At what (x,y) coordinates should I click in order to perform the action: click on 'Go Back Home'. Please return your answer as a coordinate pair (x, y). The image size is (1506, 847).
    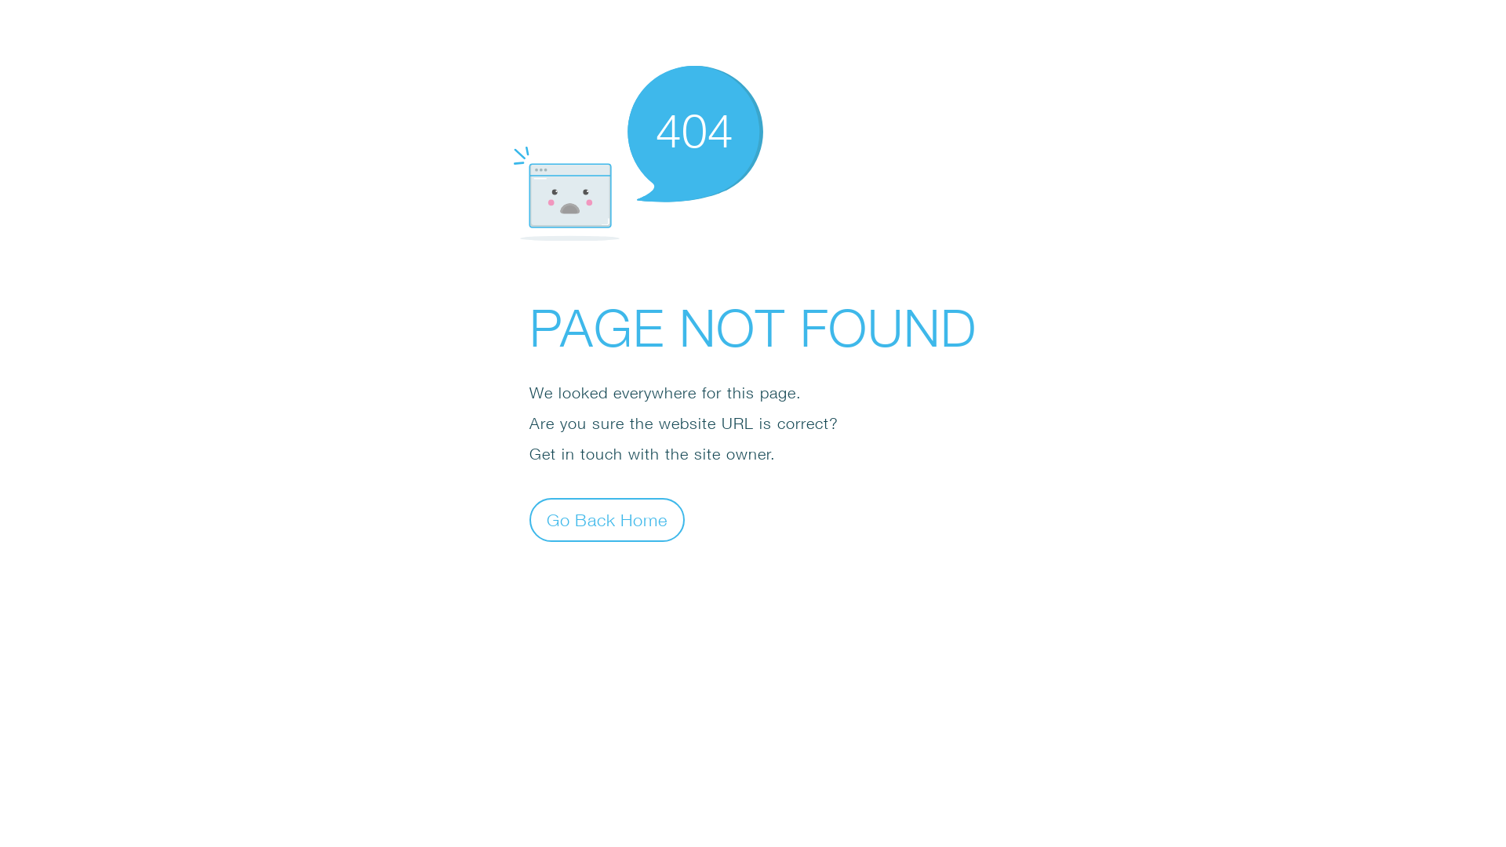
    Looking at the image, I should click on (606, 520).